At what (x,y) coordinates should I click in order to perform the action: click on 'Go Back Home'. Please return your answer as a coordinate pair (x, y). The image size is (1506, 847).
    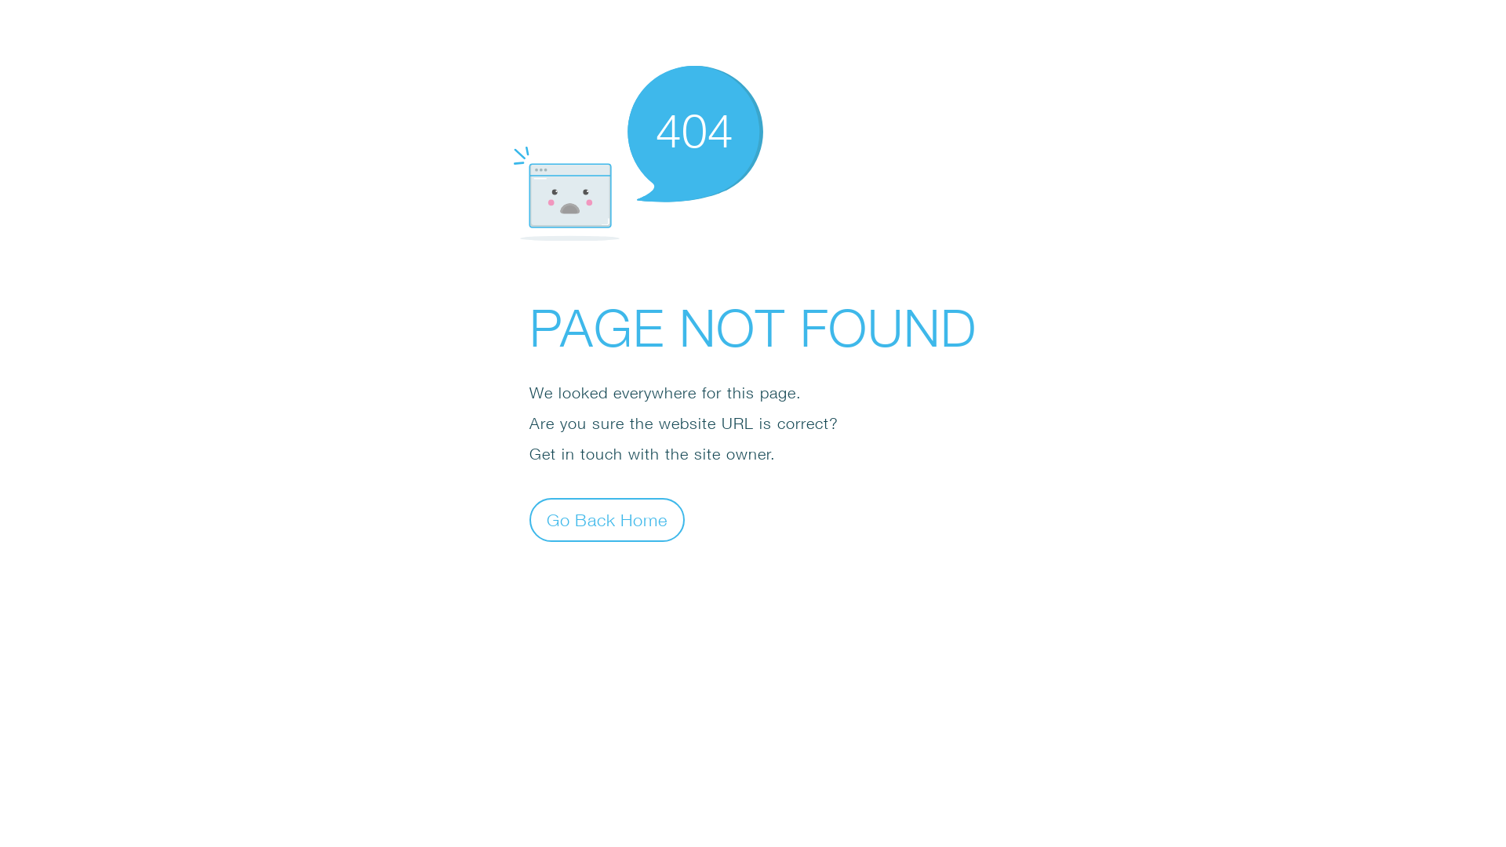
    Looking at the image, I should click on (606, 520).